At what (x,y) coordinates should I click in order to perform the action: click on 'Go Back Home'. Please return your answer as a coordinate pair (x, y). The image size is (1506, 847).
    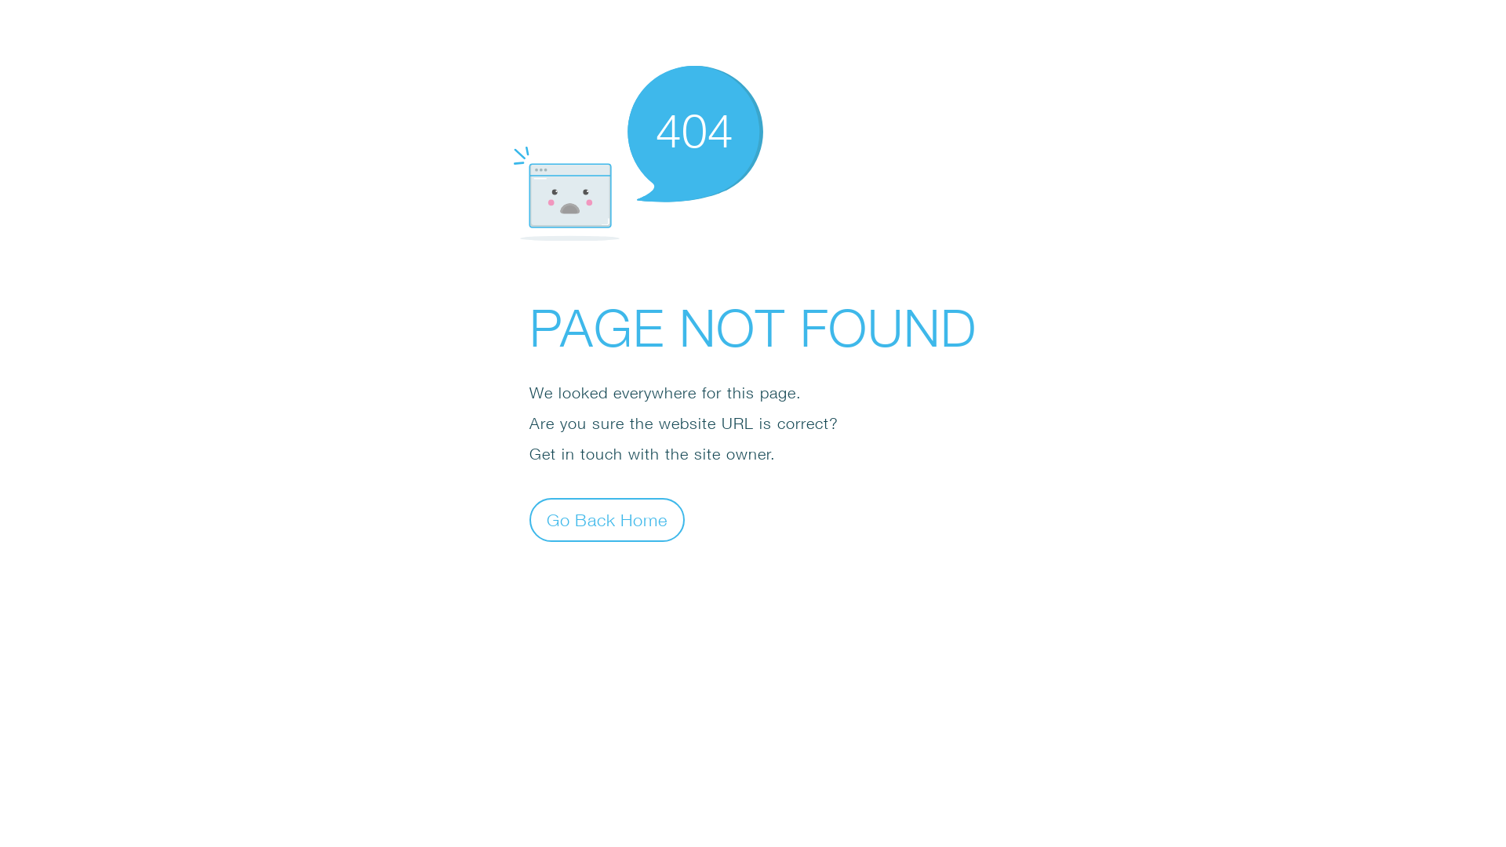
    Looking at the image, I should click on (606, 520).